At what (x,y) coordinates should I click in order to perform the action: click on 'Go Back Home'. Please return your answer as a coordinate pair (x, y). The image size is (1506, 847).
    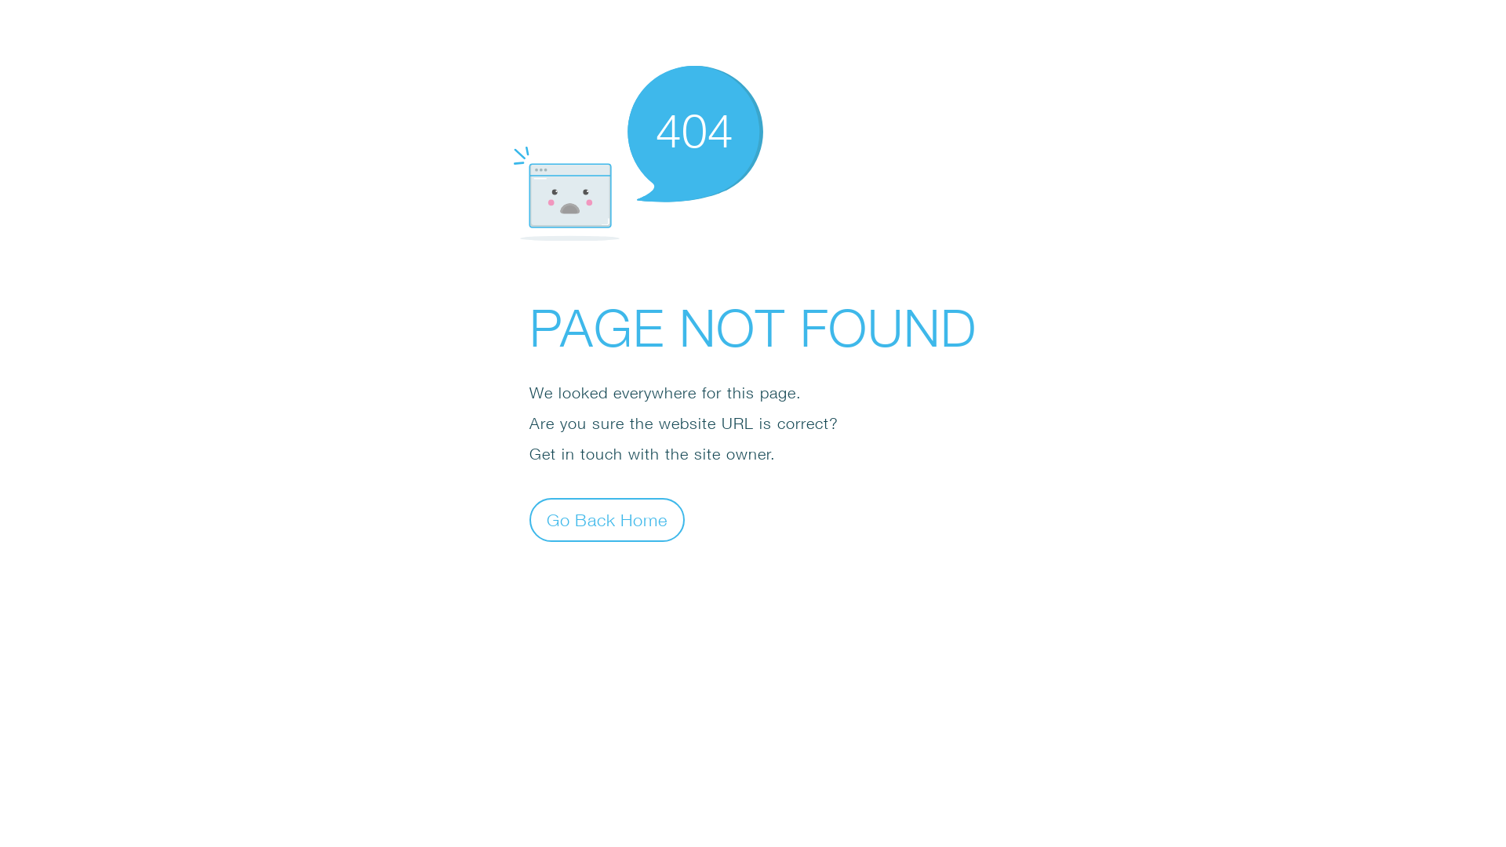
    Looking at the image, I should click on (606, 520).